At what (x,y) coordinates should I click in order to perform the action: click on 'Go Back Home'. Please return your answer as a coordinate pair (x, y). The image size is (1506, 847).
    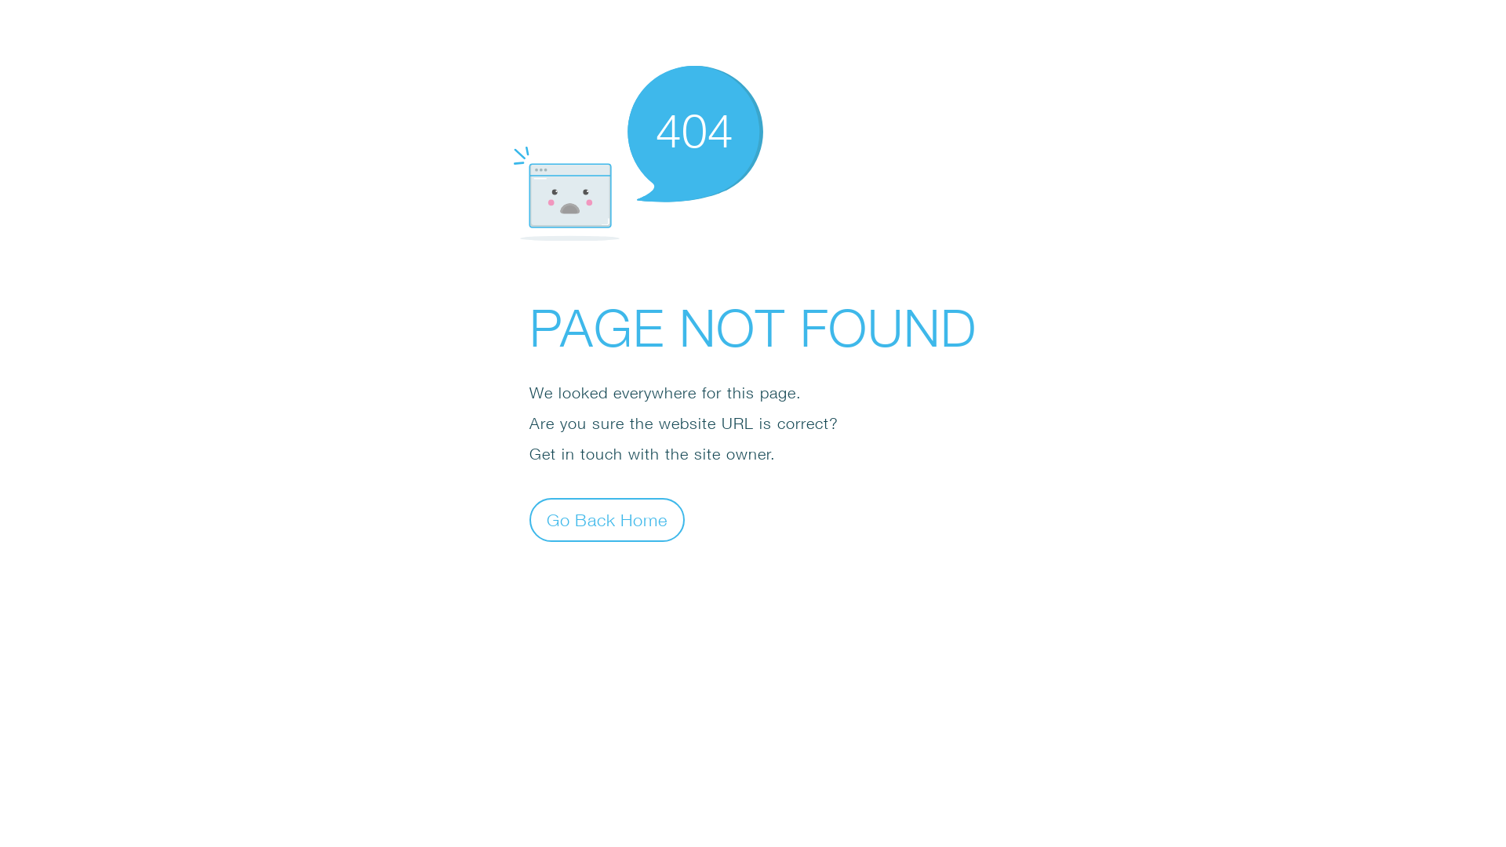
    Looking at the image, I should click on (606, 520).